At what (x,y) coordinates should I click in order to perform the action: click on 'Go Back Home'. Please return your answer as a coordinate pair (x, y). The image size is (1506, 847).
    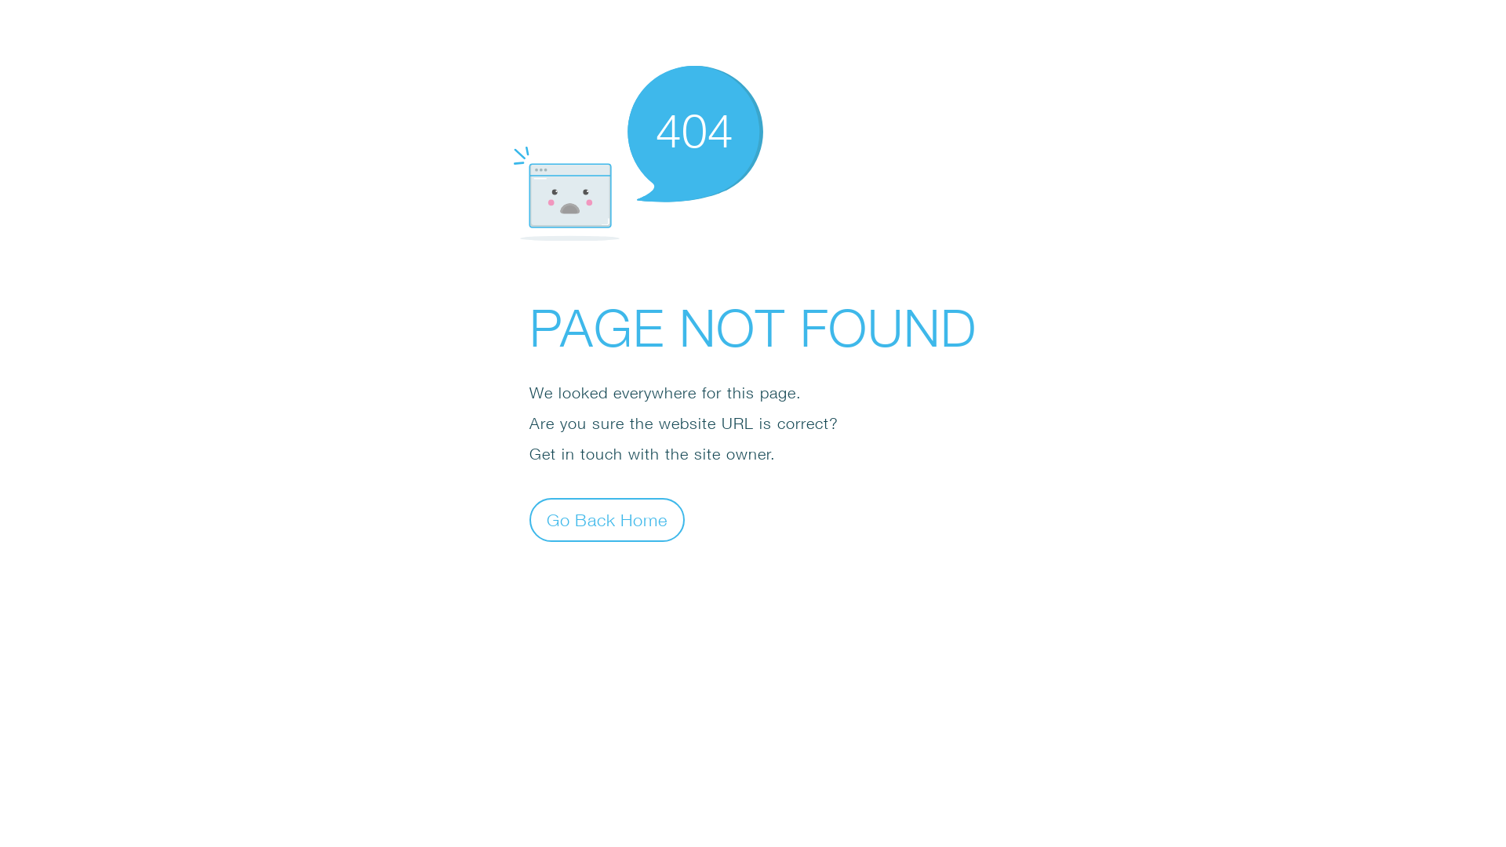
    Looking at the image, I should click on (606, 520).